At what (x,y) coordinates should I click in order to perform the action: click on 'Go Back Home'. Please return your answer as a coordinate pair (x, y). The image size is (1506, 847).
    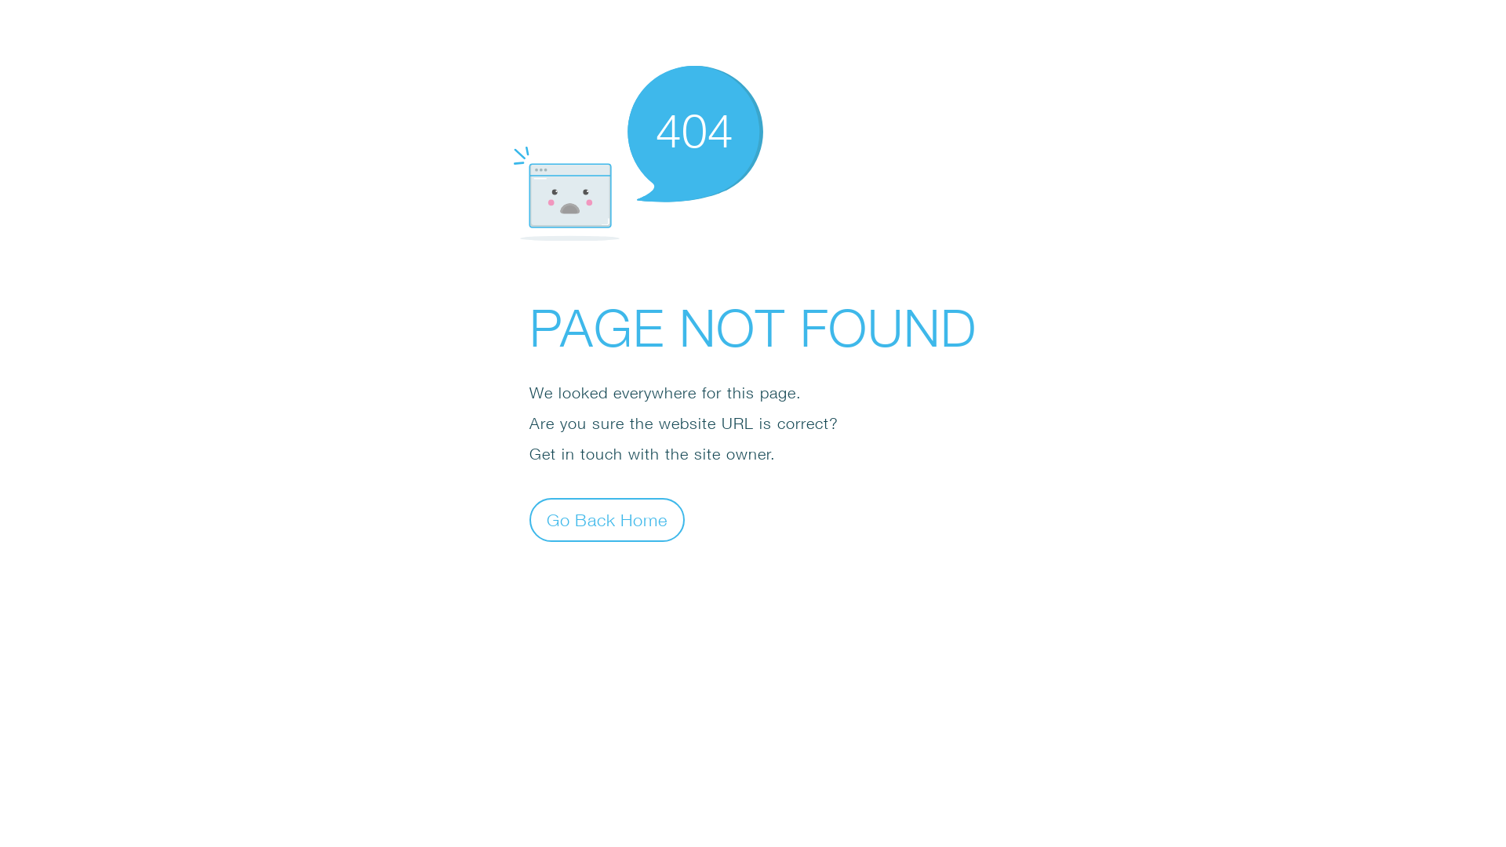
    Looking at the image, I should click on (606, 520).